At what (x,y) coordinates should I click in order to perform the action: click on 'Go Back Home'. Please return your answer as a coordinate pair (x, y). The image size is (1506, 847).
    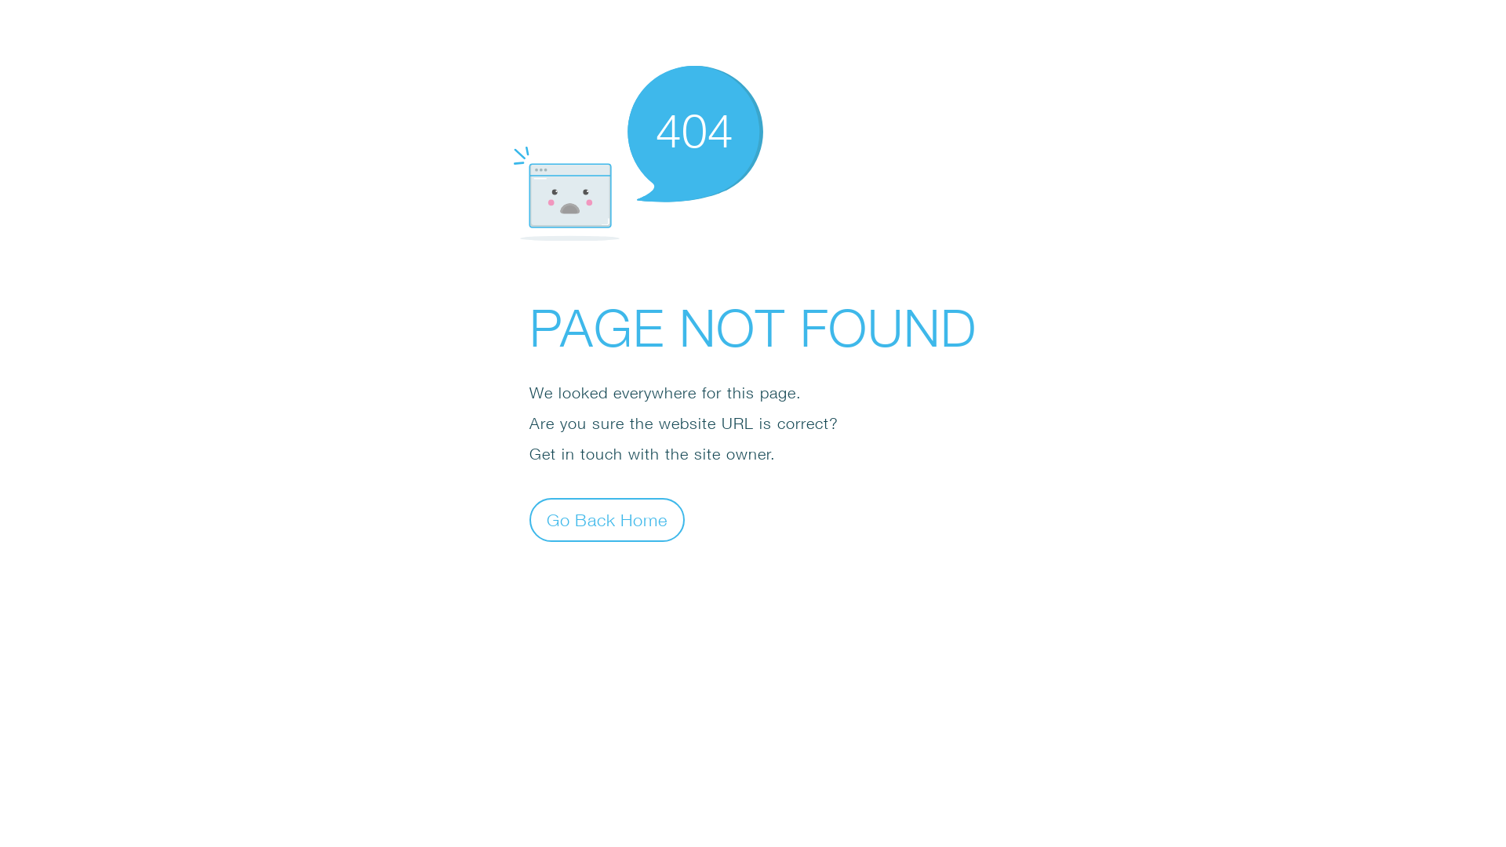
    Looking at the image, I should click on (606, 520).